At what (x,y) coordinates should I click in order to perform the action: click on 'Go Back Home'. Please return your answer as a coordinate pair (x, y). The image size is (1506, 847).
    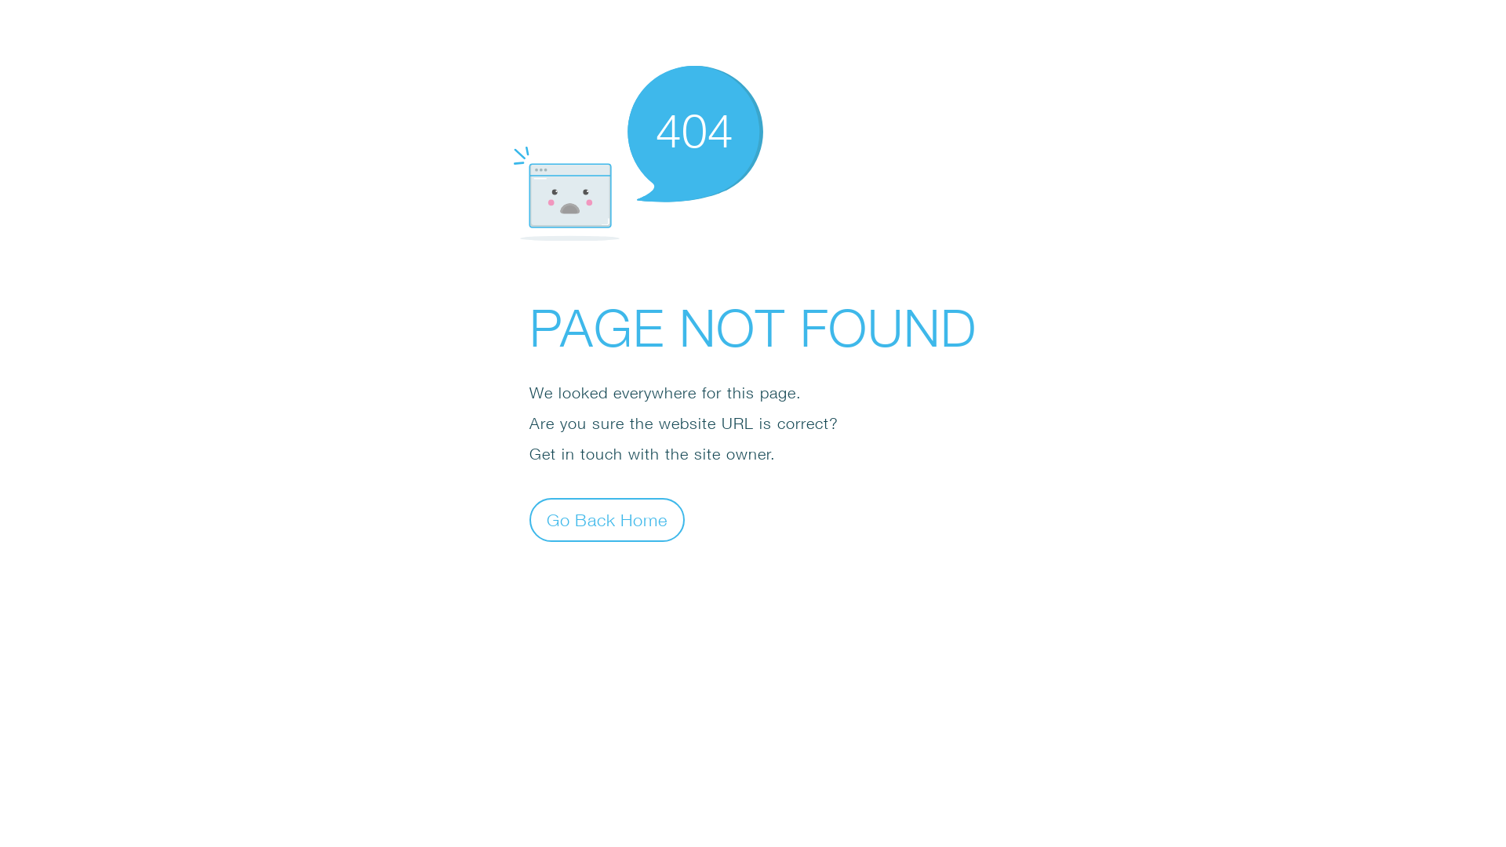
    Looking at the image, I should click on (606, 520).